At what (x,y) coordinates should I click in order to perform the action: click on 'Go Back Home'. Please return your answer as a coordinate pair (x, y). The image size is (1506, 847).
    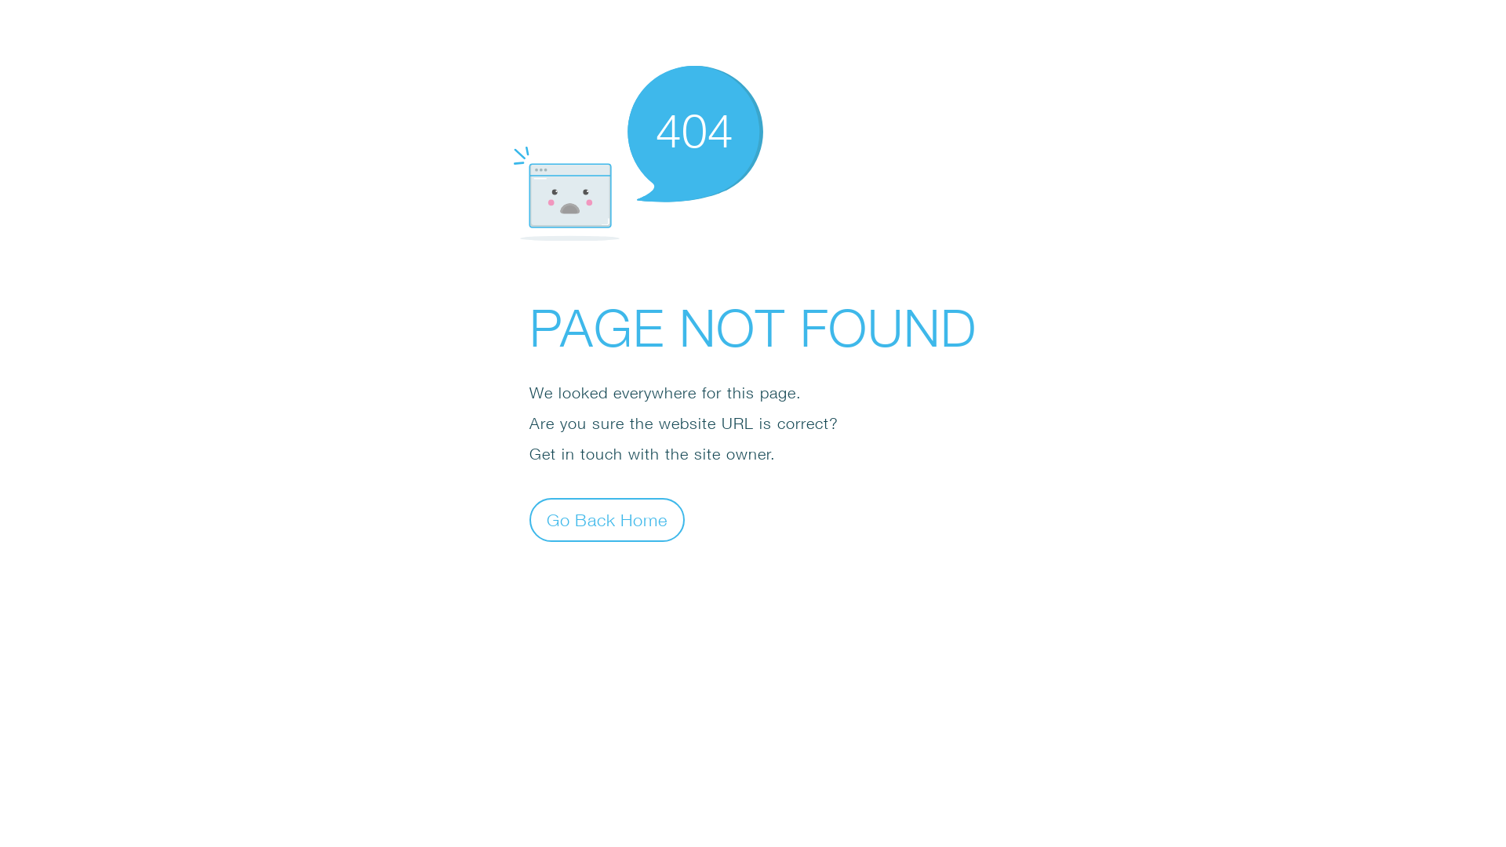
    Looking at the image, I should click on (606, 520).